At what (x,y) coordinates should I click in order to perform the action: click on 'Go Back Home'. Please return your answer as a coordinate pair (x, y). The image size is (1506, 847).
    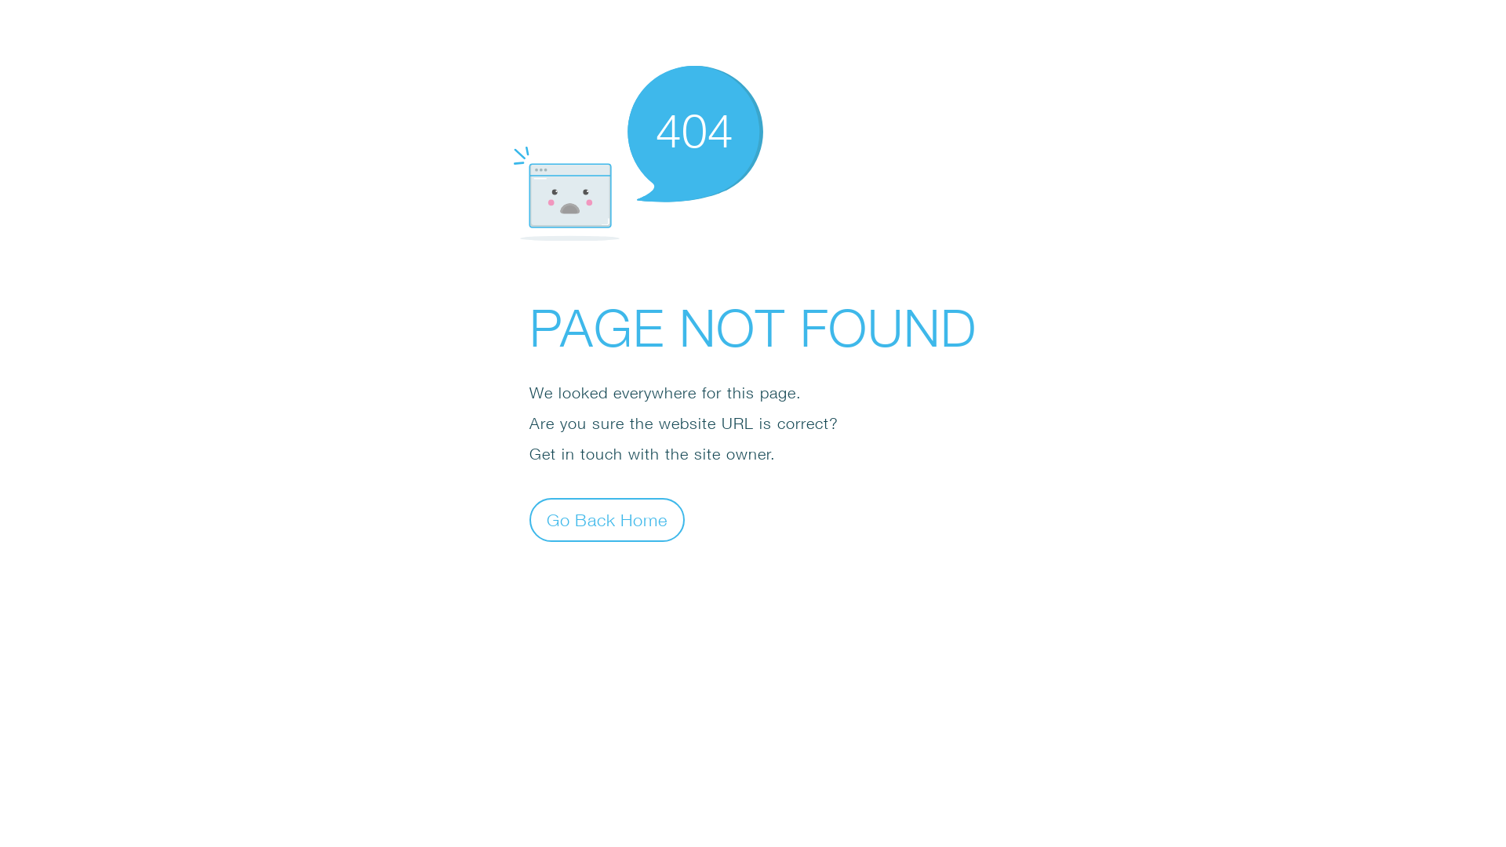
    Looking at the image, I should click on (606, 520).